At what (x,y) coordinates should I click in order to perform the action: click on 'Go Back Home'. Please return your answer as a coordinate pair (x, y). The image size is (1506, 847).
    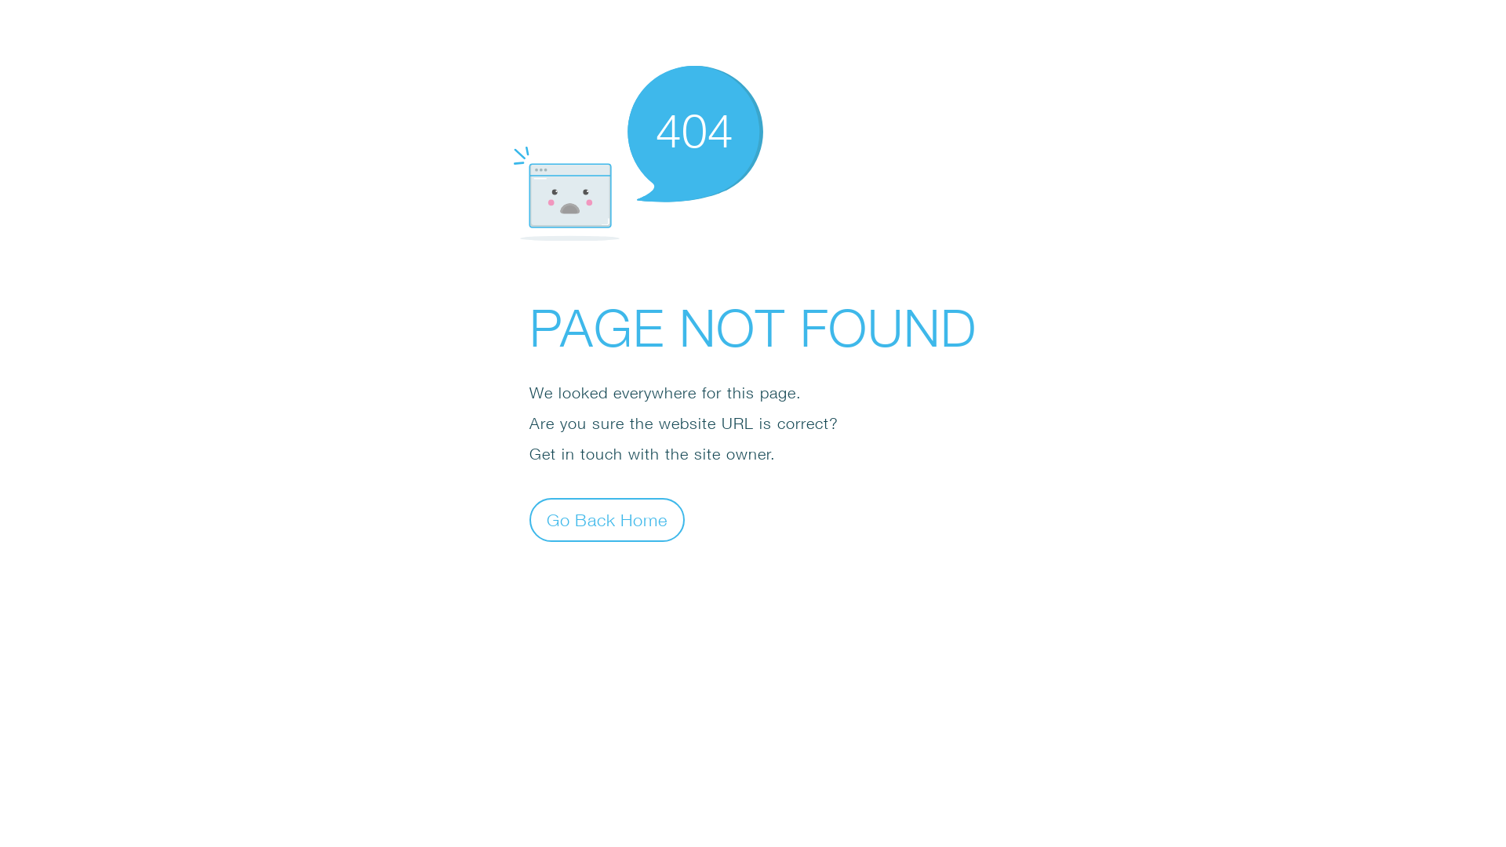
    Looking at the image, I should click on (606, 520).